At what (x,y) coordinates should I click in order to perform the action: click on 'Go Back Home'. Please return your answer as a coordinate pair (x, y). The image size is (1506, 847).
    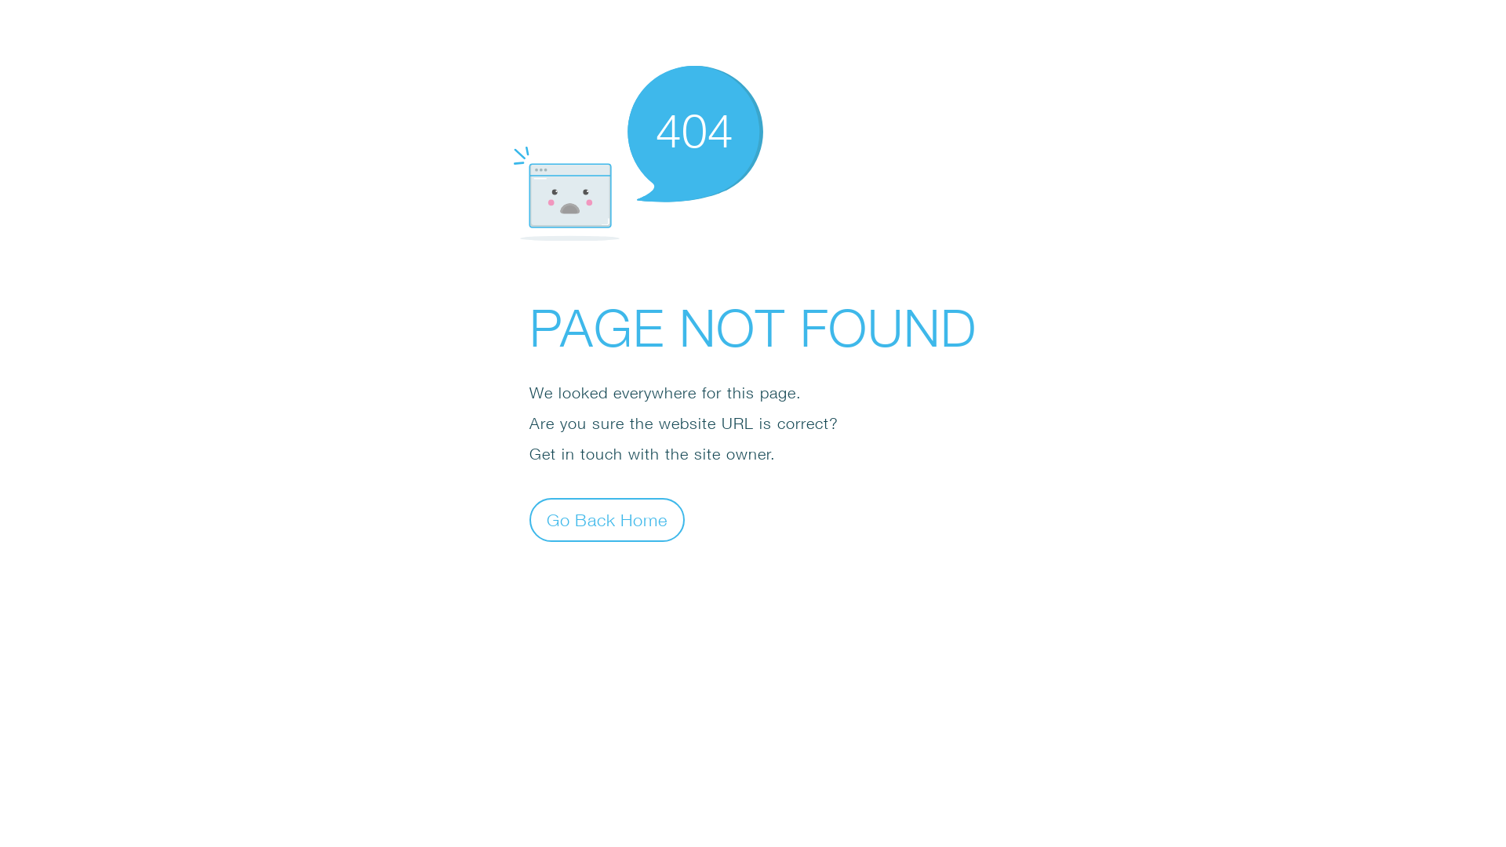
    Looking at the image, I should click on (606, 520).